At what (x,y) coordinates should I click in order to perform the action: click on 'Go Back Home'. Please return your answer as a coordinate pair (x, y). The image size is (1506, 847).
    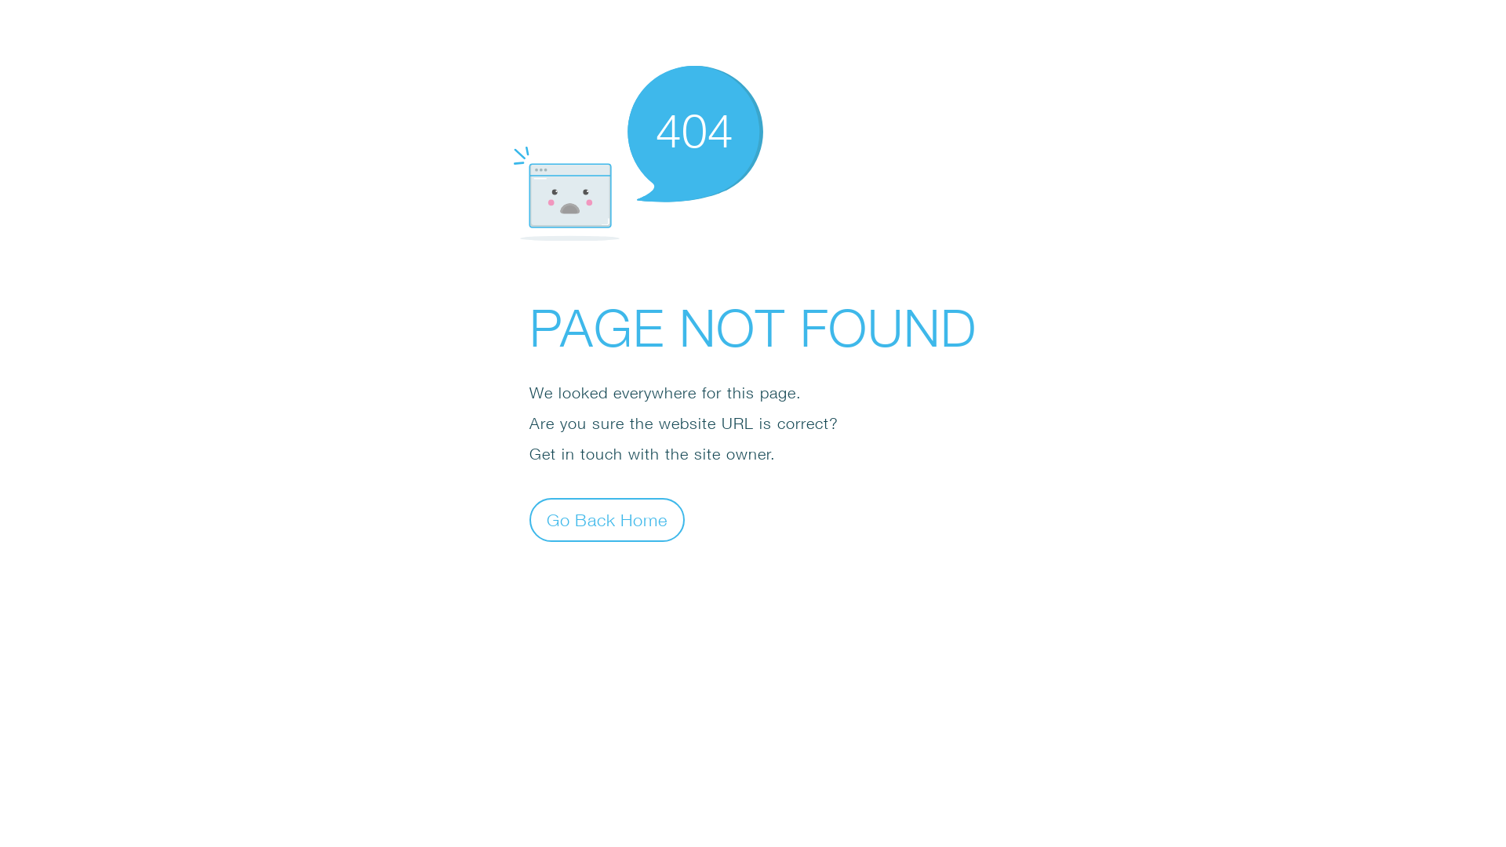
    Looking at the image, I should click on (606, 520).